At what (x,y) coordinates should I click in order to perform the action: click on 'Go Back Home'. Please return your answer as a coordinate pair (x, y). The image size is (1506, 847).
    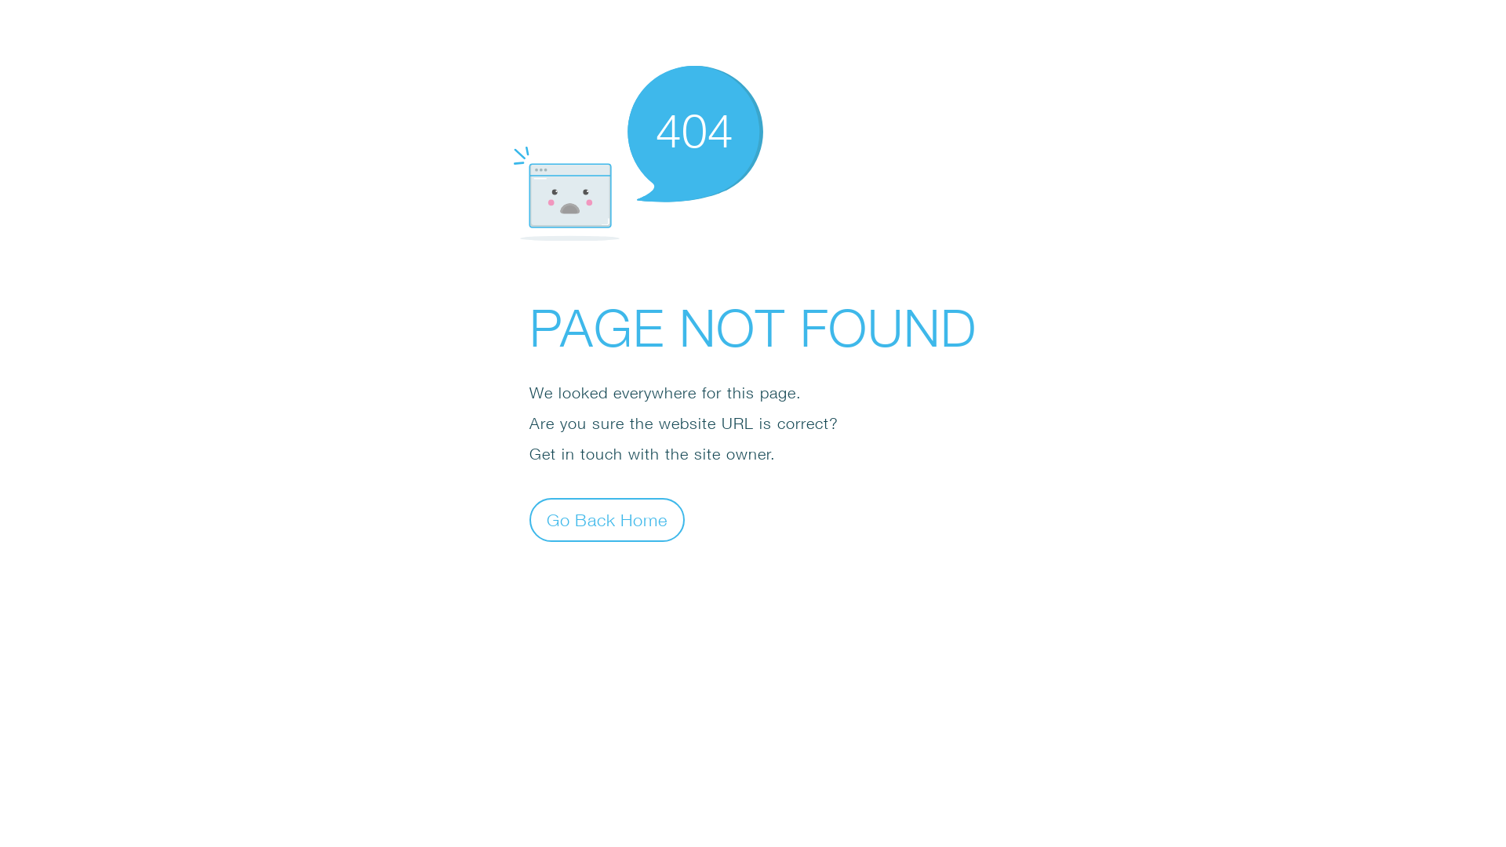
    Looking at the image, I should click on (606, 520).